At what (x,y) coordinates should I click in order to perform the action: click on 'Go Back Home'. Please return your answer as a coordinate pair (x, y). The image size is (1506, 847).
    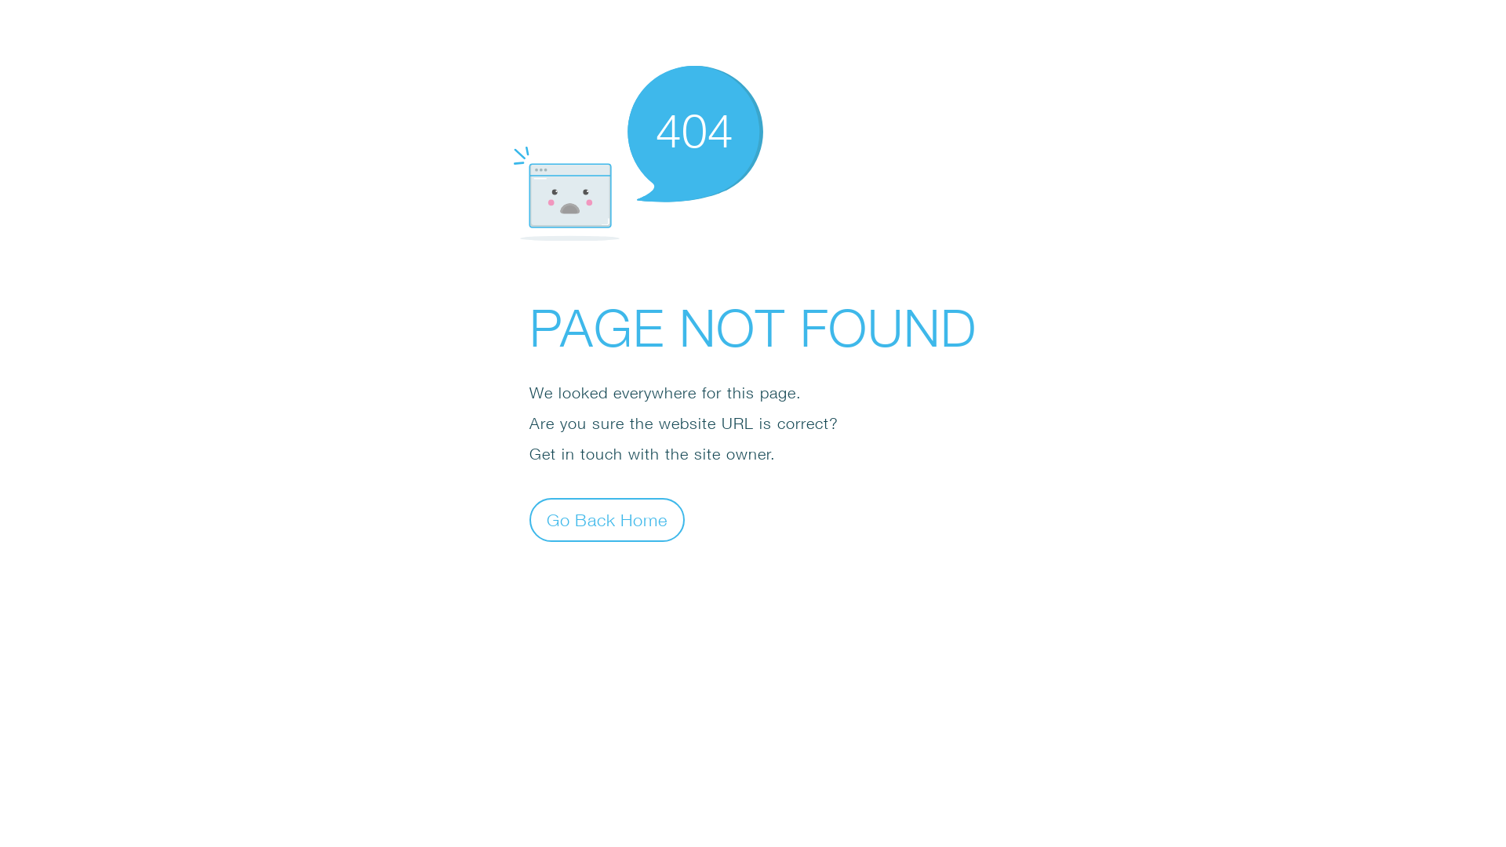
    Looking at the image, I should click on (606, 520).